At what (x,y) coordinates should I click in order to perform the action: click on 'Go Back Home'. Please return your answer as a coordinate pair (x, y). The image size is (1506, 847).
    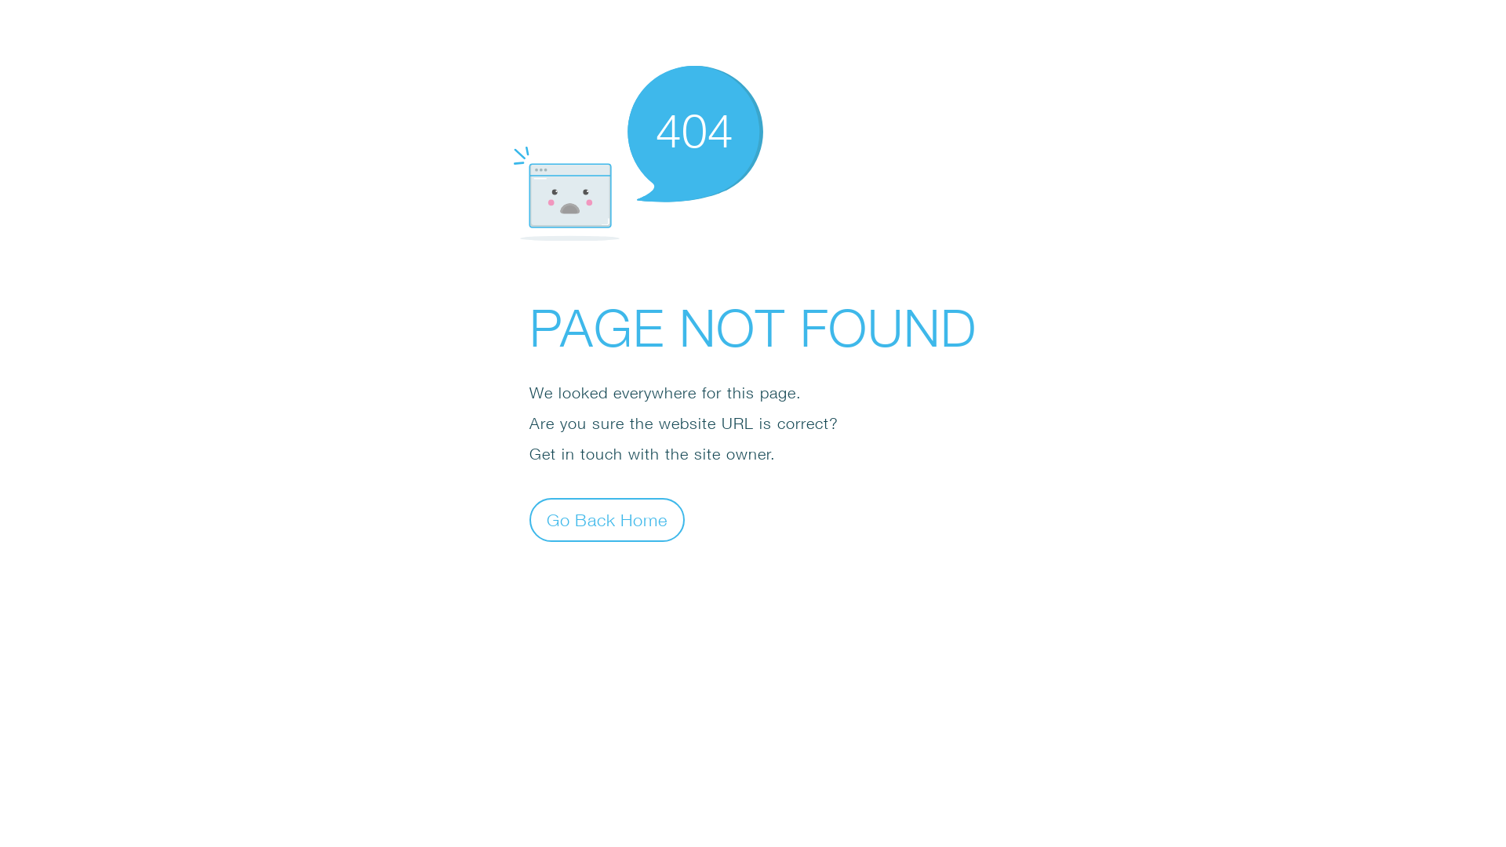
    Looking at the image, I should click on (606, 520).